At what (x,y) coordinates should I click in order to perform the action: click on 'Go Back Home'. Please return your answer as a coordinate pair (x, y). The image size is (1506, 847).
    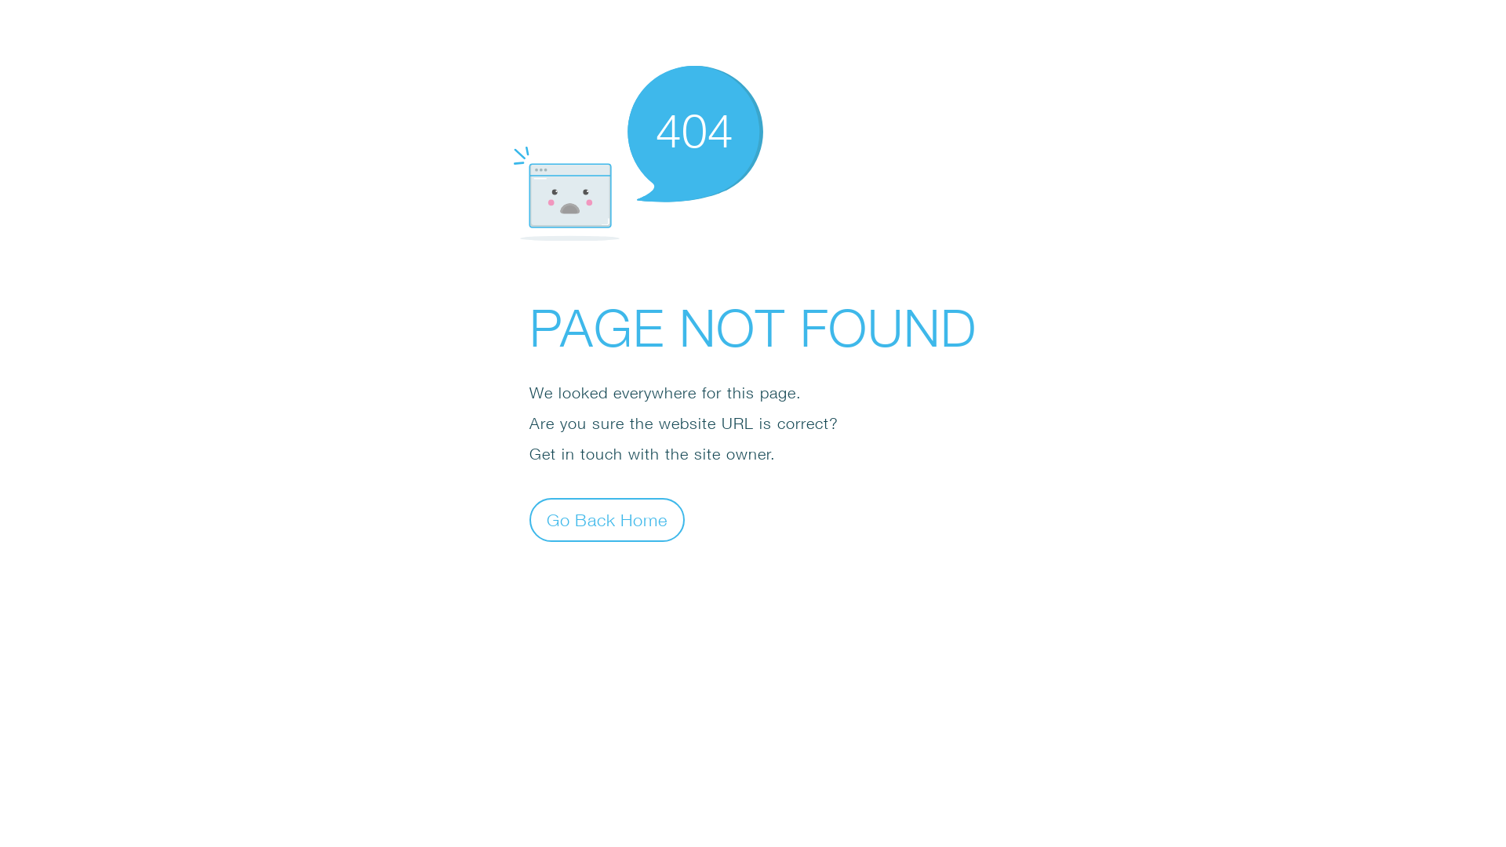
    Looking at the image, I should click on (606, 520).